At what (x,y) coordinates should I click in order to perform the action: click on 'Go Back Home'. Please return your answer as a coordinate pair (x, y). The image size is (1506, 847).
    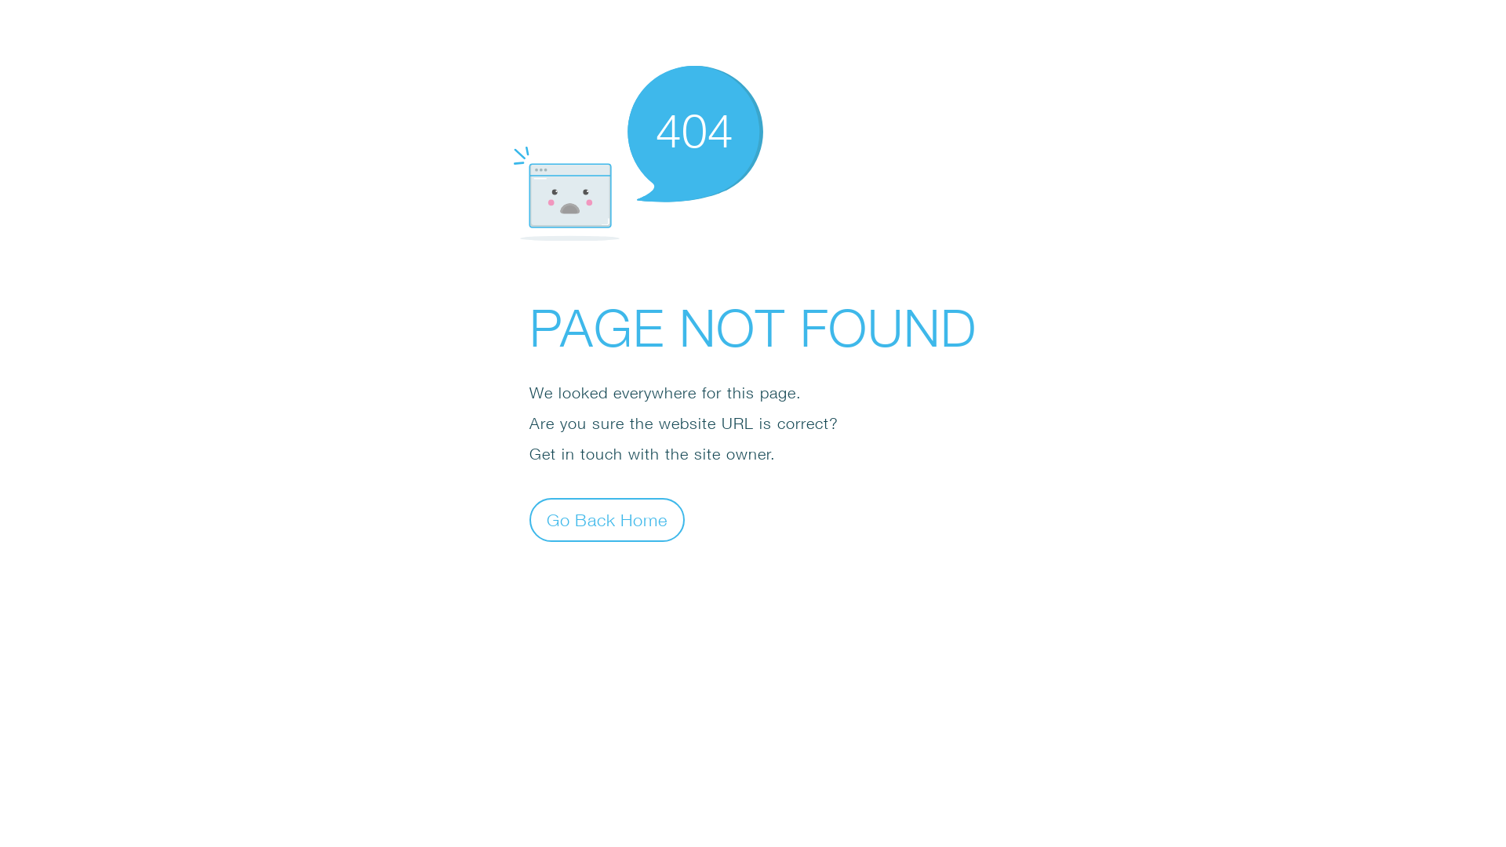
    Looking at the image, I should click on (606, 520).